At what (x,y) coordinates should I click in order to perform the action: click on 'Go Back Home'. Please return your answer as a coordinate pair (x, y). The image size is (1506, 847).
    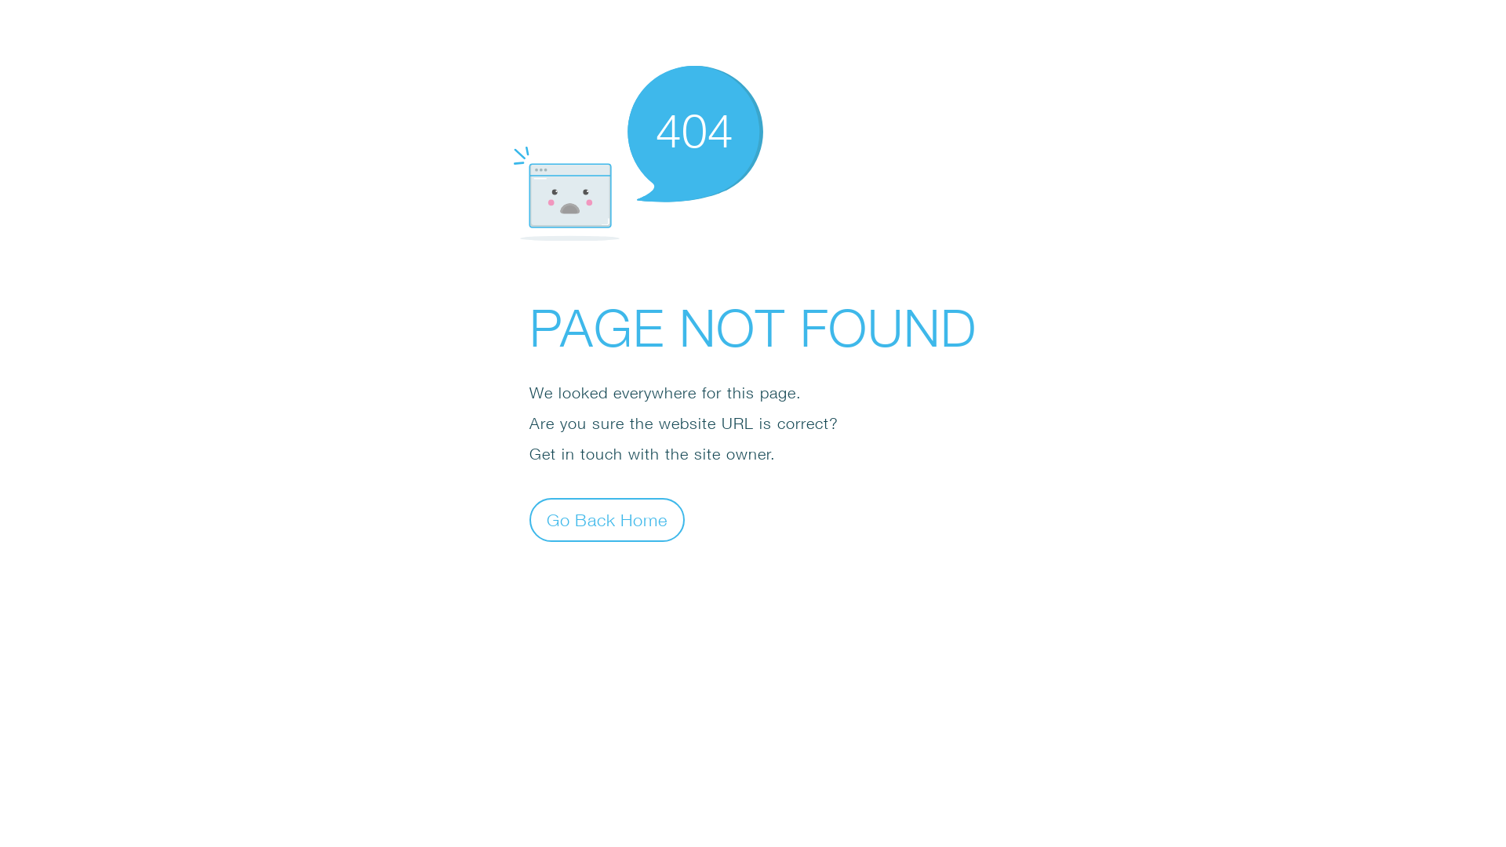
    Looking at the image, I should click on (606, 520).